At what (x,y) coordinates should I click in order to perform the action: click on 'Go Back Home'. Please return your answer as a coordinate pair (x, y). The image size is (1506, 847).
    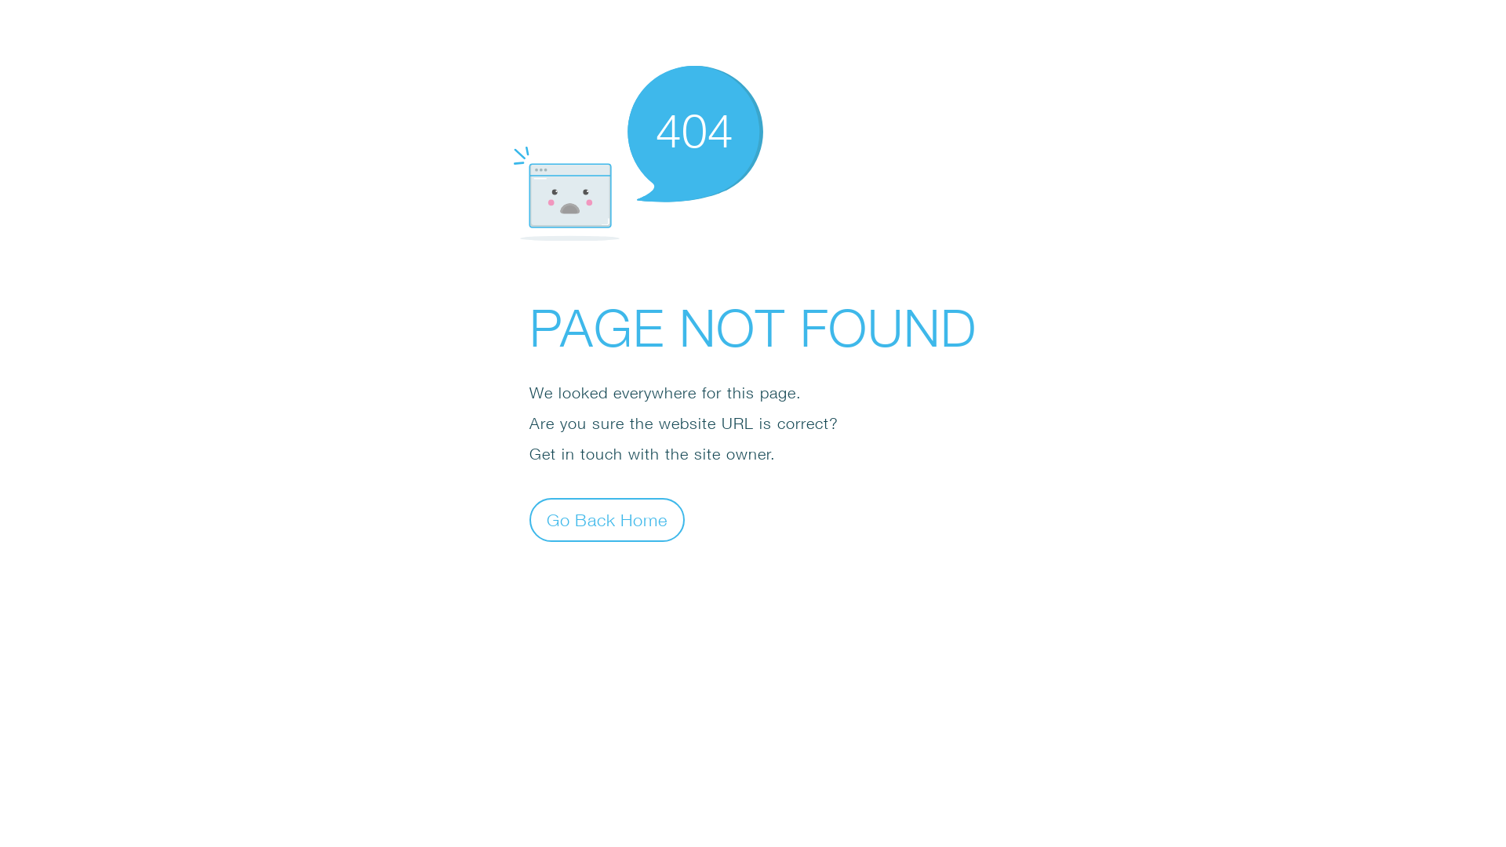
    Looking at the image, I should click on (606, 520).